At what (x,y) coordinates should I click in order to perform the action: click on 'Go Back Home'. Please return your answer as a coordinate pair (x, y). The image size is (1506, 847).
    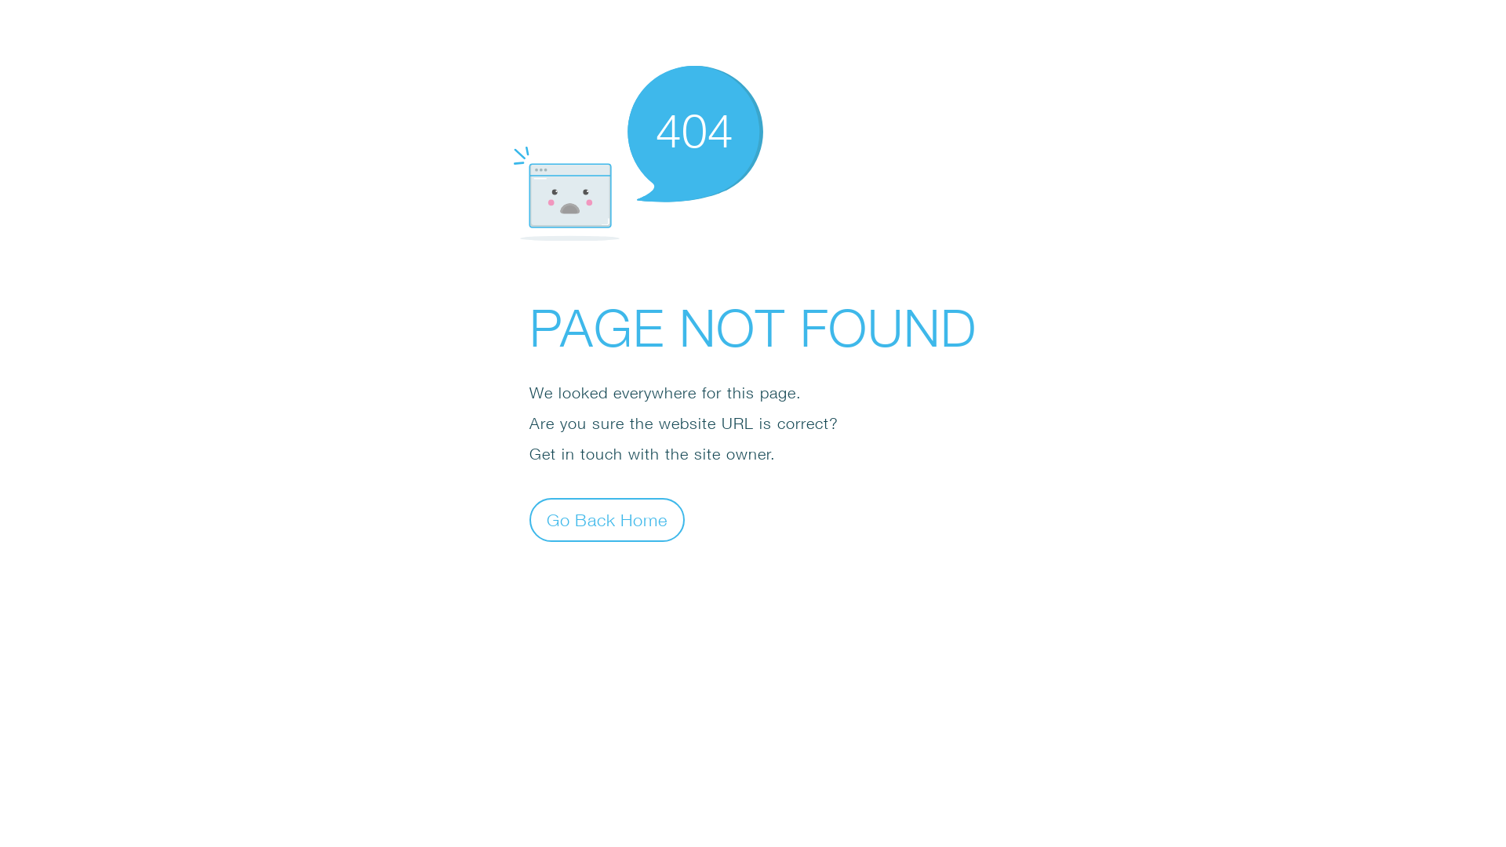
    Looking at the image, I should click on (606, 520).